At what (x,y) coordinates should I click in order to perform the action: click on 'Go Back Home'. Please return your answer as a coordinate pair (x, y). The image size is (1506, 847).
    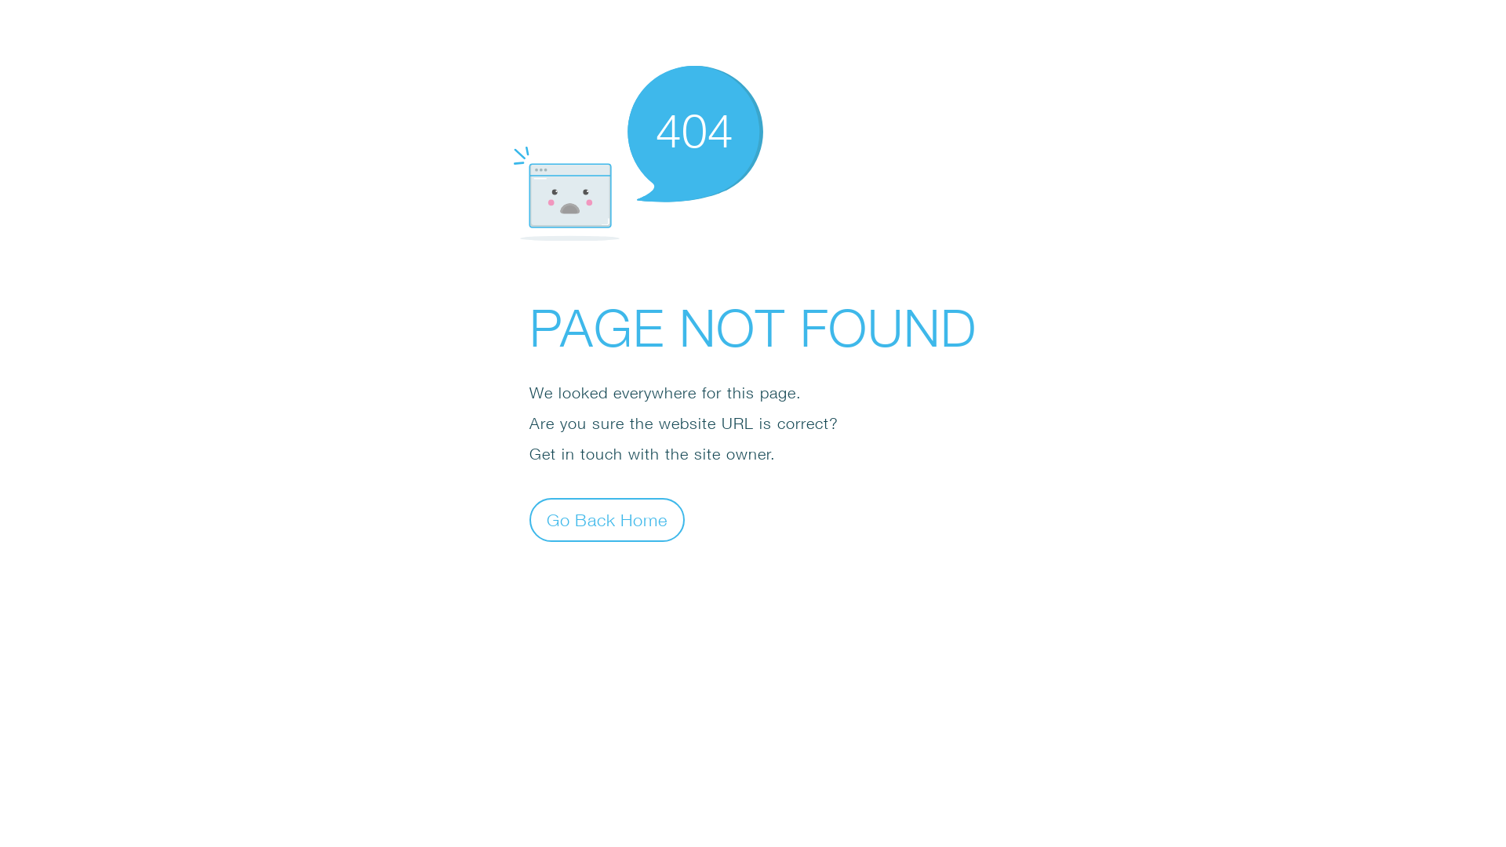
    Looking at the image, I should click on (606, 520).